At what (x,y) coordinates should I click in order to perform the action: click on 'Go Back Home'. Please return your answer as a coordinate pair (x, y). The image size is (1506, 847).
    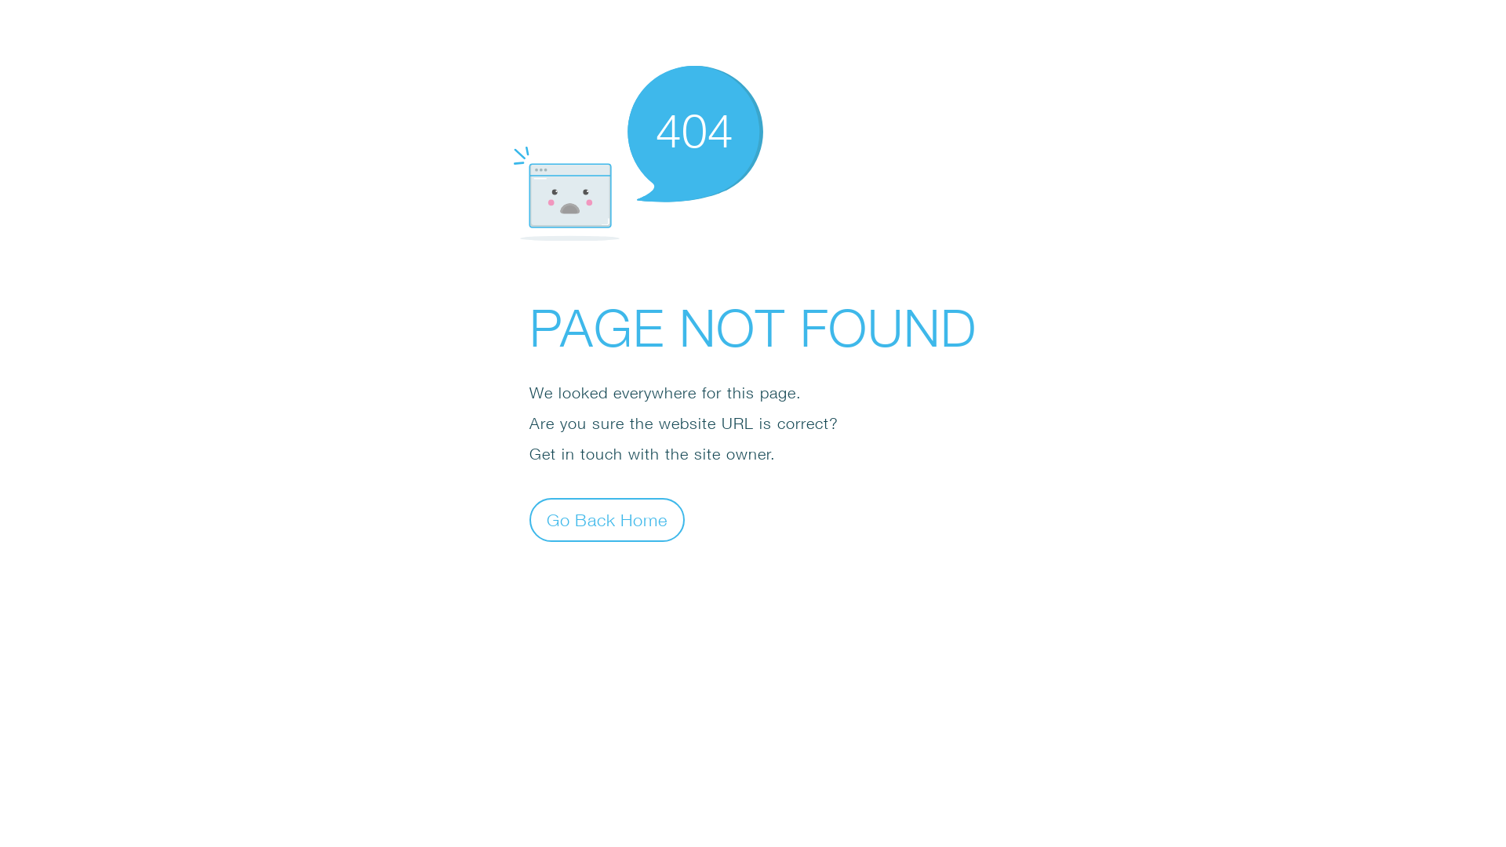
    Looking at the image, I should click on (606, 520).